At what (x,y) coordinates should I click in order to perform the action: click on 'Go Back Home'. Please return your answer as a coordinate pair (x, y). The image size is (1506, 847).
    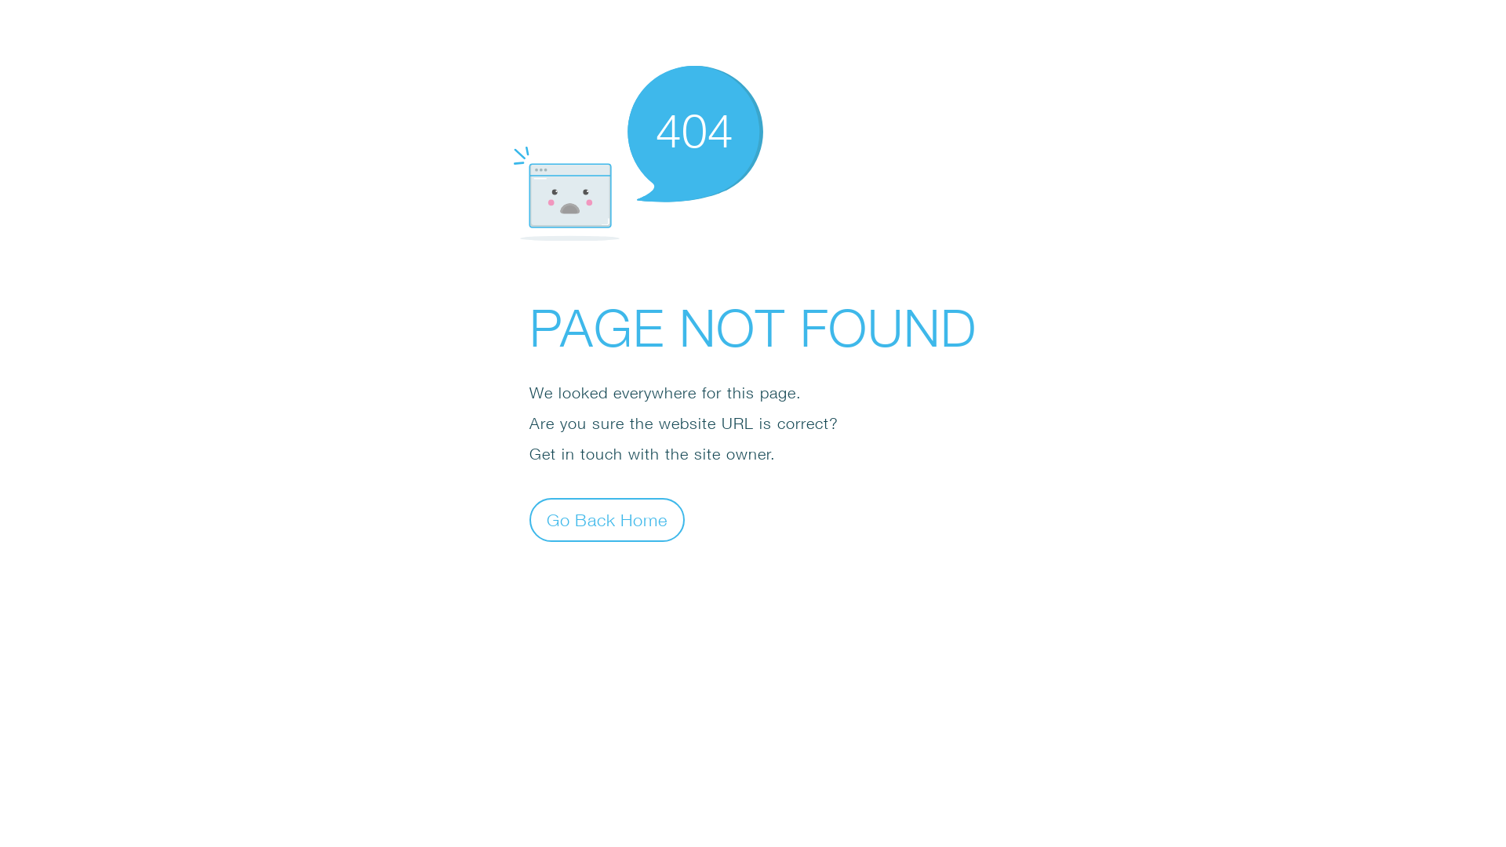
    Looking at the image, I should click on (606, 520).